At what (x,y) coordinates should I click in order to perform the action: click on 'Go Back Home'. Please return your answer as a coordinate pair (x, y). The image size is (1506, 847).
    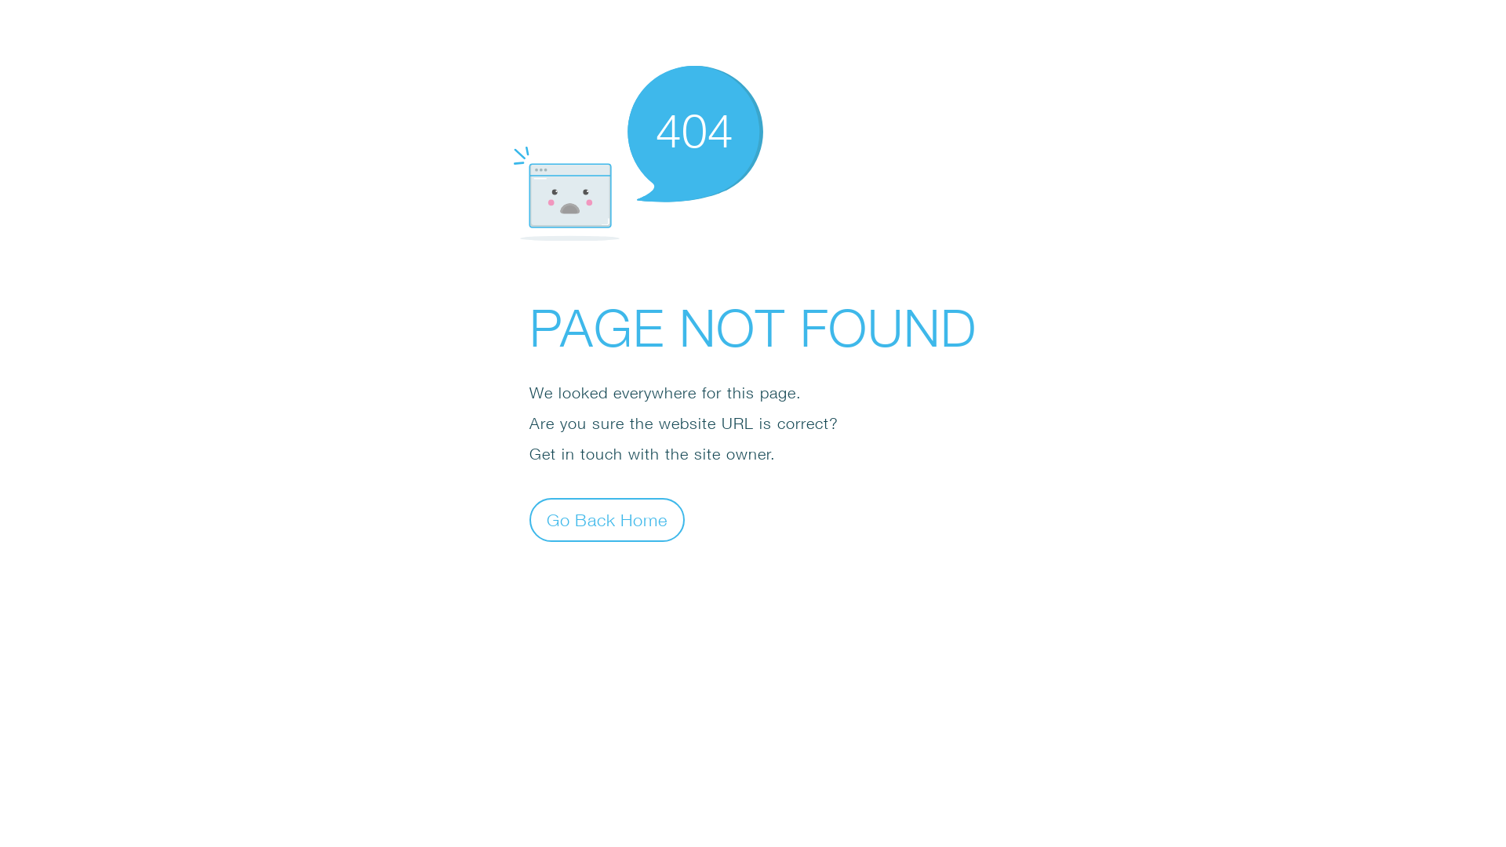
    Looking at the image, I should click on (606, 520).